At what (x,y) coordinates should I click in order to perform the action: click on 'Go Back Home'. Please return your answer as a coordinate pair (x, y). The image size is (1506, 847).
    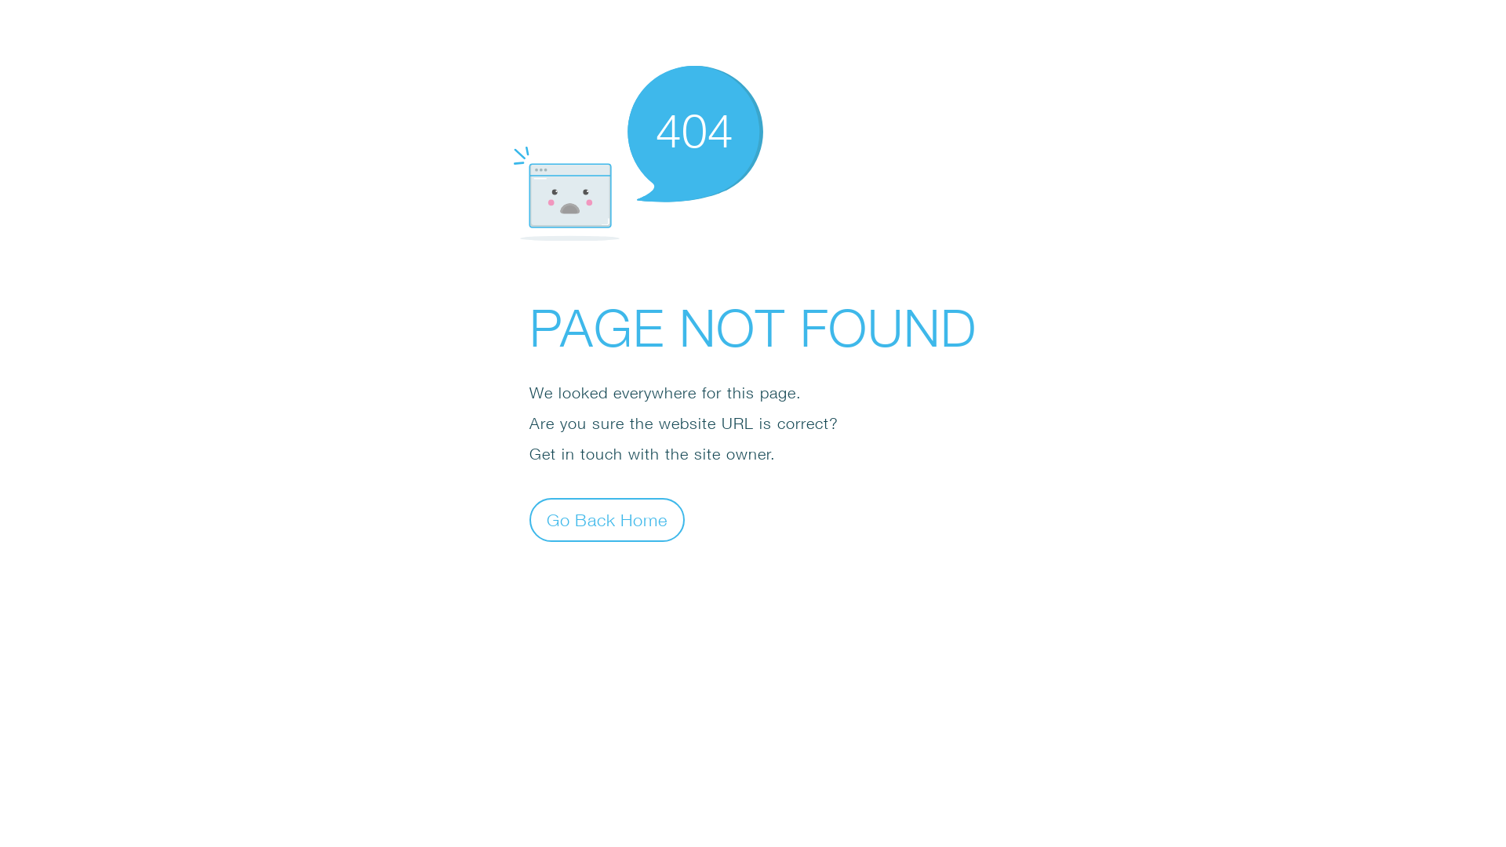
    Looking at the image, I should click on (606, 520).